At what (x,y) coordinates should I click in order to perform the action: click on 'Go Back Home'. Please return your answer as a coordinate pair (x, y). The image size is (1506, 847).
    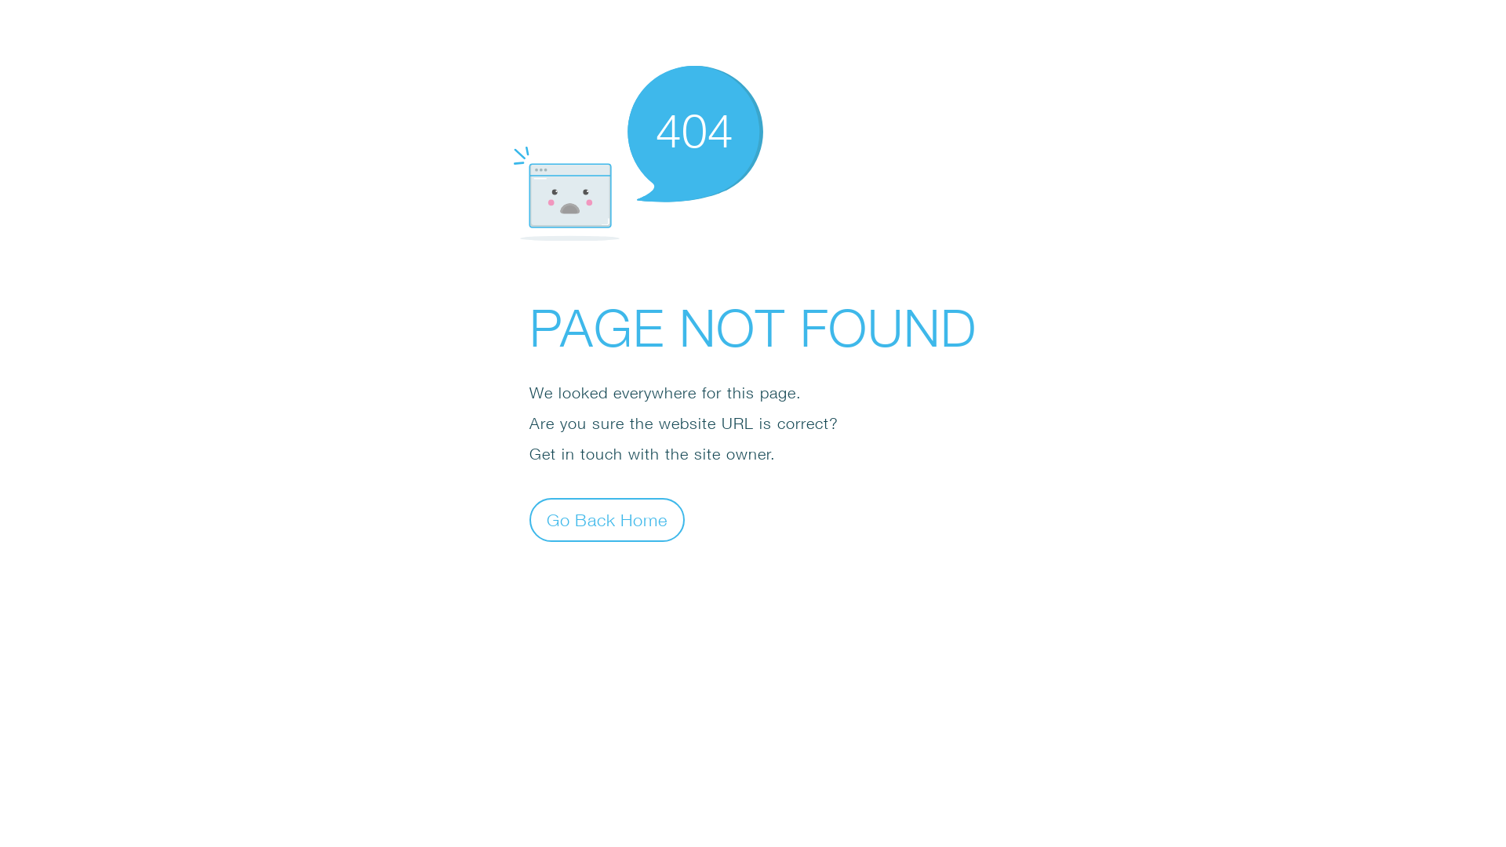
    Looking at the image, I should click on (606, 520).